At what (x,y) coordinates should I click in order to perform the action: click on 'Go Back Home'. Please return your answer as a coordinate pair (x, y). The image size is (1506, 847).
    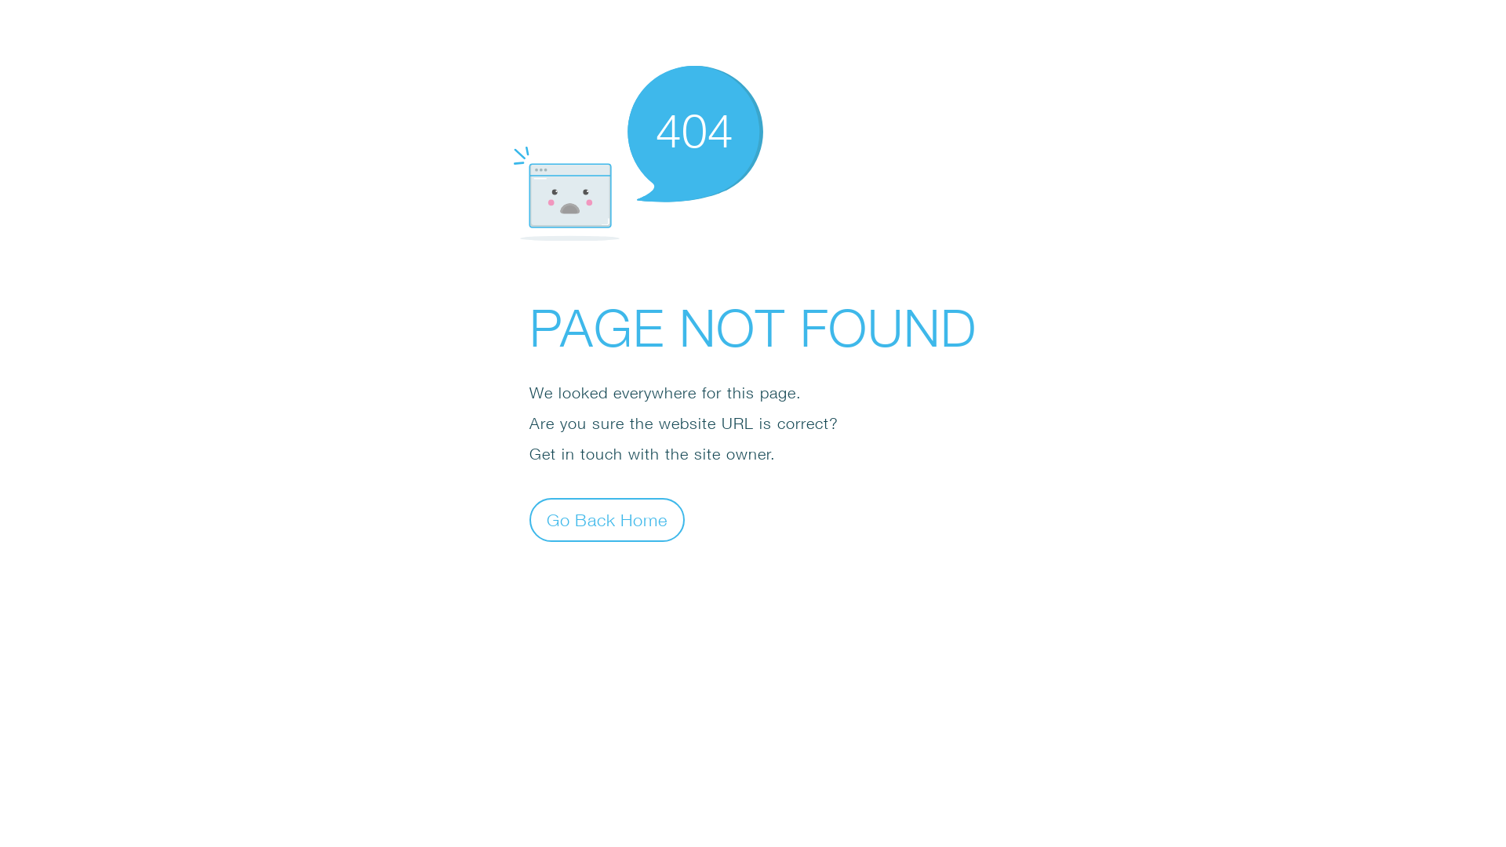
    Looking at the image, I should click on (606, 520).